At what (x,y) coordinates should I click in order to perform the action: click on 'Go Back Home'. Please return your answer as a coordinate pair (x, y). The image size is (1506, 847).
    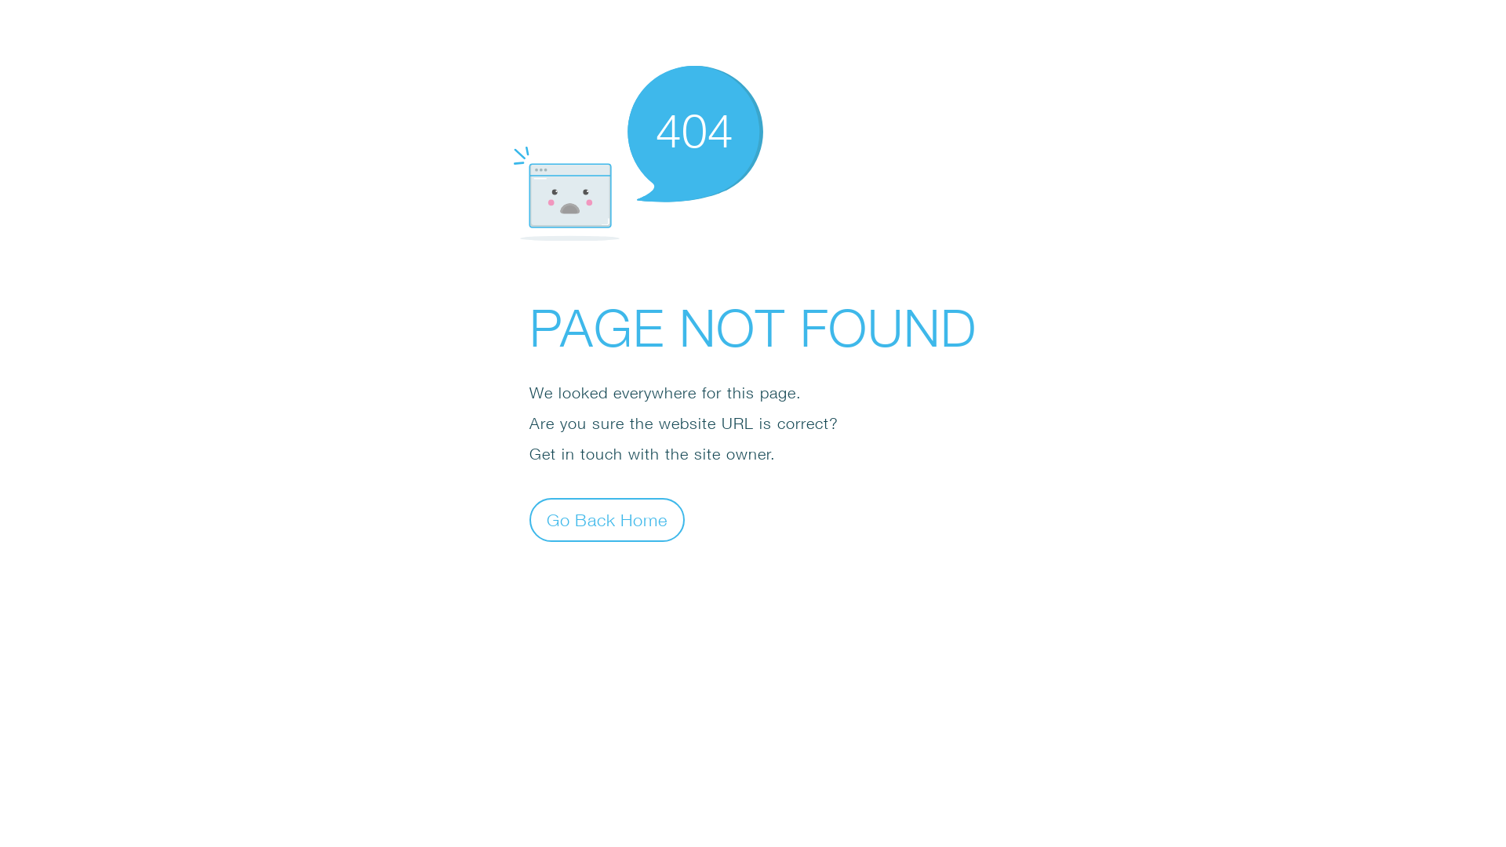
    Looking at the image, I should click on (606, 520).